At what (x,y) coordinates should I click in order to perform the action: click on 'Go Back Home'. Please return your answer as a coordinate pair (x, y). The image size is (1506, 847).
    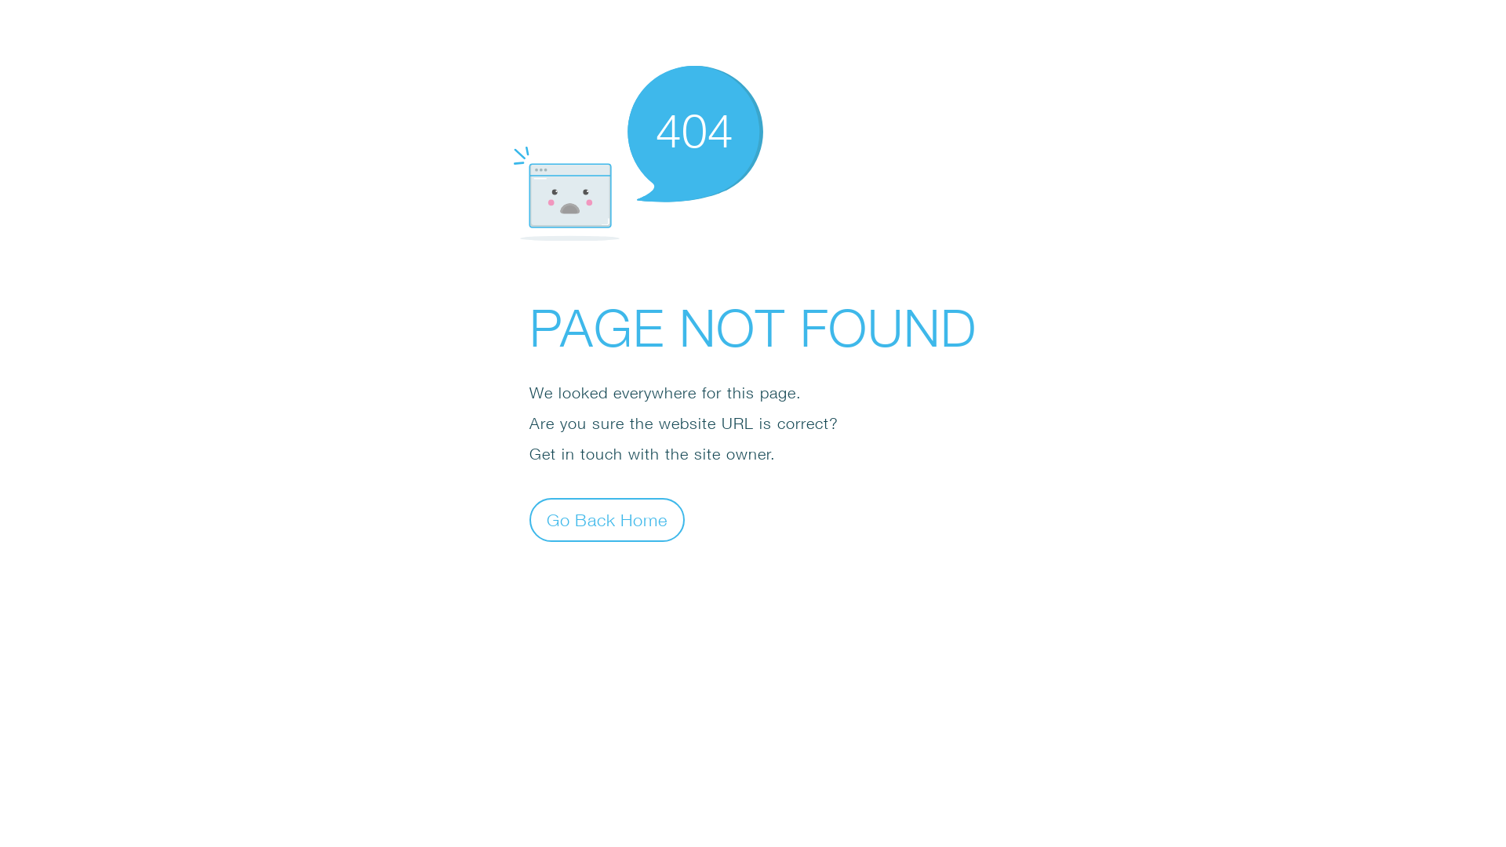
    Looking at the image, I should click on (606, 520).